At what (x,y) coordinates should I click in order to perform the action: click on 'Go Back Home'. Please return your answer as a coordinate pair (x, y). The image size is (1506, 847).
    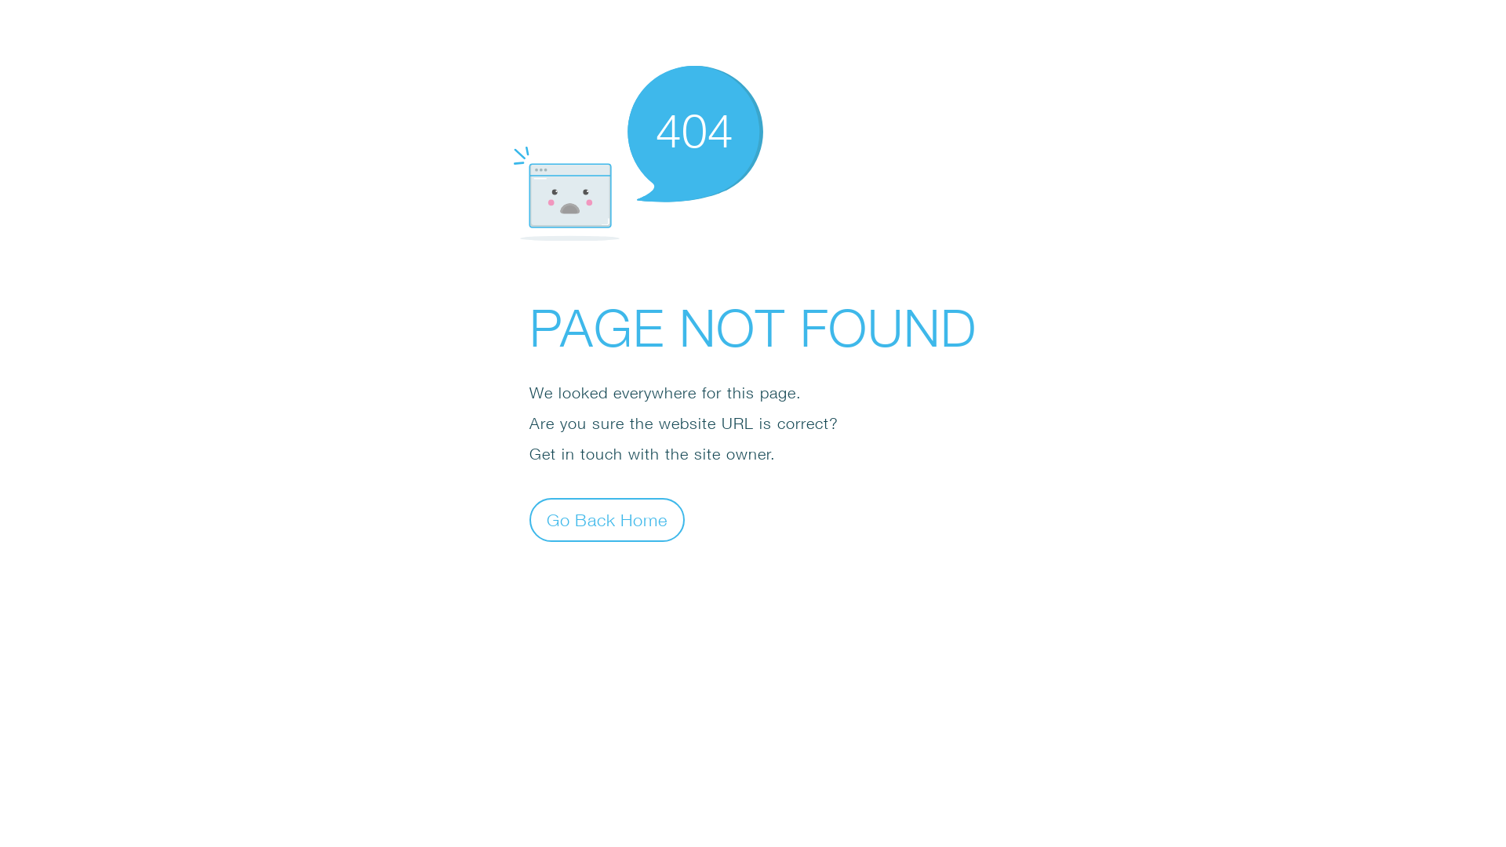
    Looking at the image, I should click on (606, 520).